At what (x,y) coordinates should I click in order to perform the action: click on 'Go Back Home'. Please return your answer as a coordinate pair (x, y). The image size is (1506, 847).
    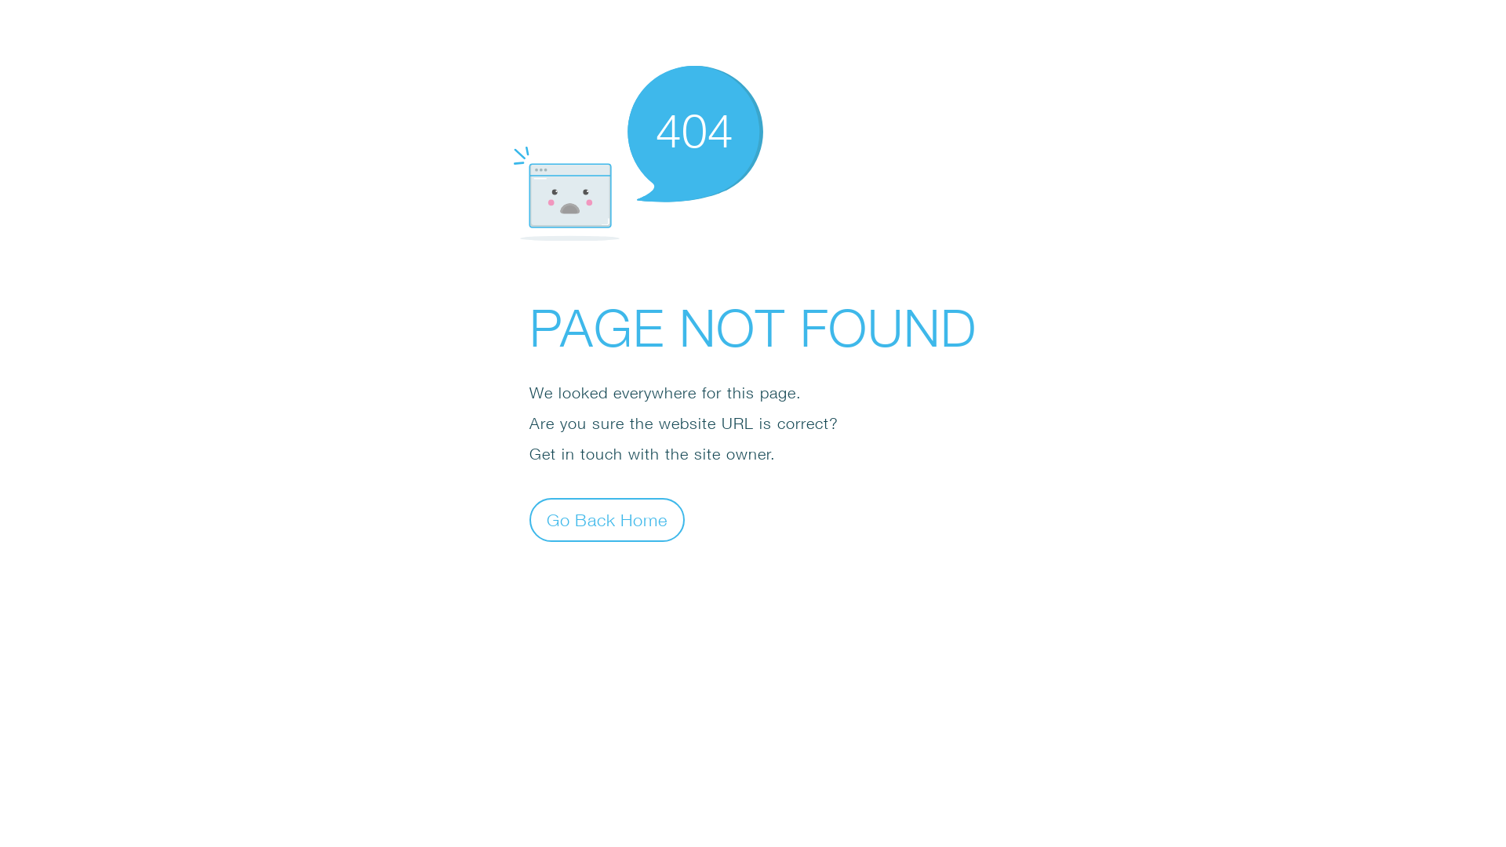
    Looking at the image, I should click on (606, 520).